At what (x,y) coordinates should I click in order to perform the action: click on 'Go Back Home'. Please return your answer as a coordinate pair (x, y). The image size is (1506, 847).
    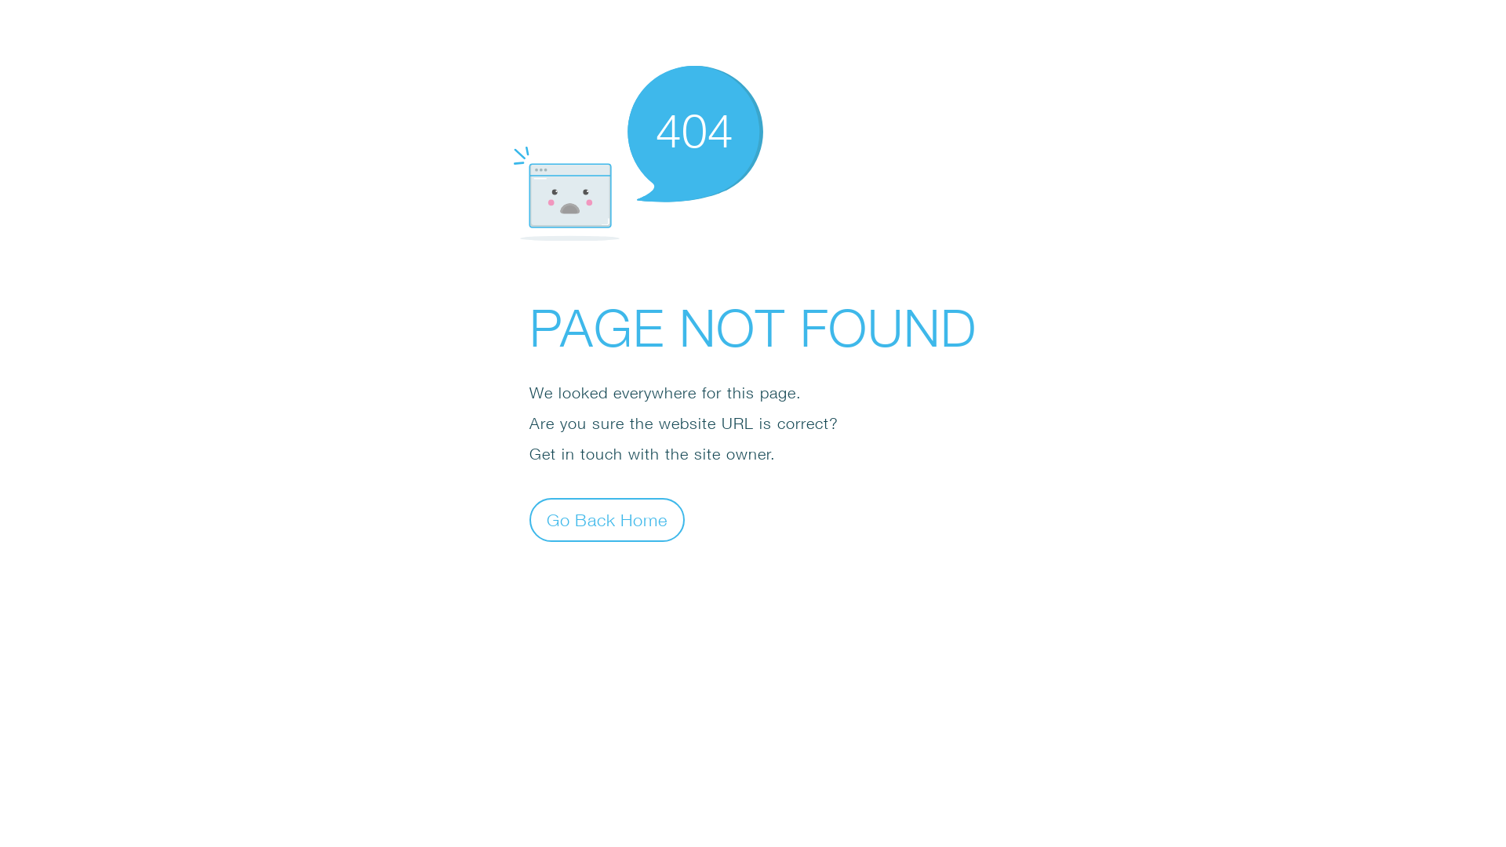
    Looking at the image, I should click on (606, 520).